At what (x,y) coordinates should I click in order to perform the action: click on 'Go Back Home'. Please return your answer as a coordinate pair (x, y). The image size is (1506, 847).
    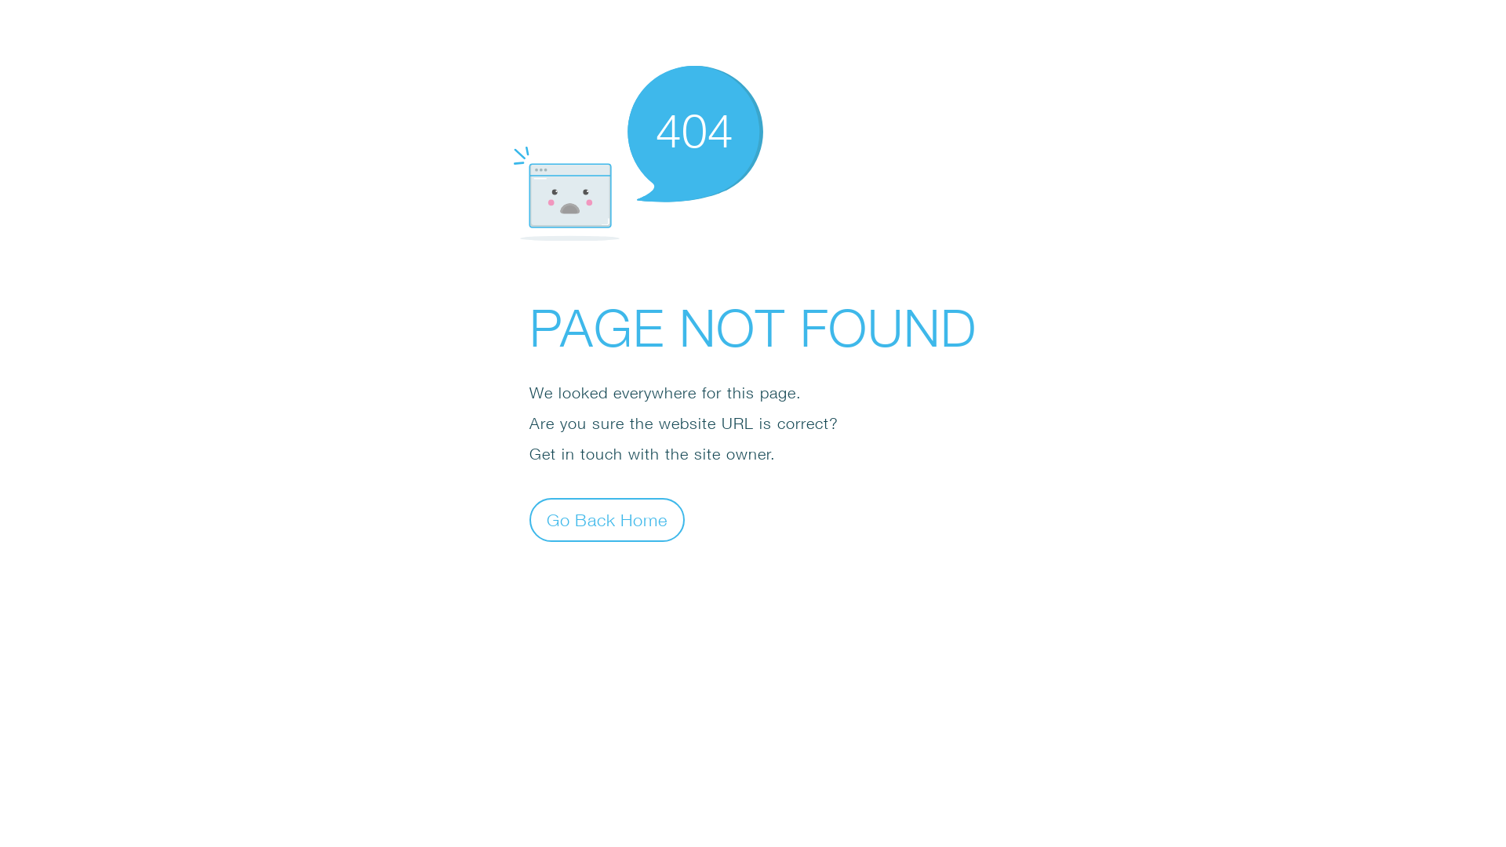
    Looking at the image, I should click on (606, 520).